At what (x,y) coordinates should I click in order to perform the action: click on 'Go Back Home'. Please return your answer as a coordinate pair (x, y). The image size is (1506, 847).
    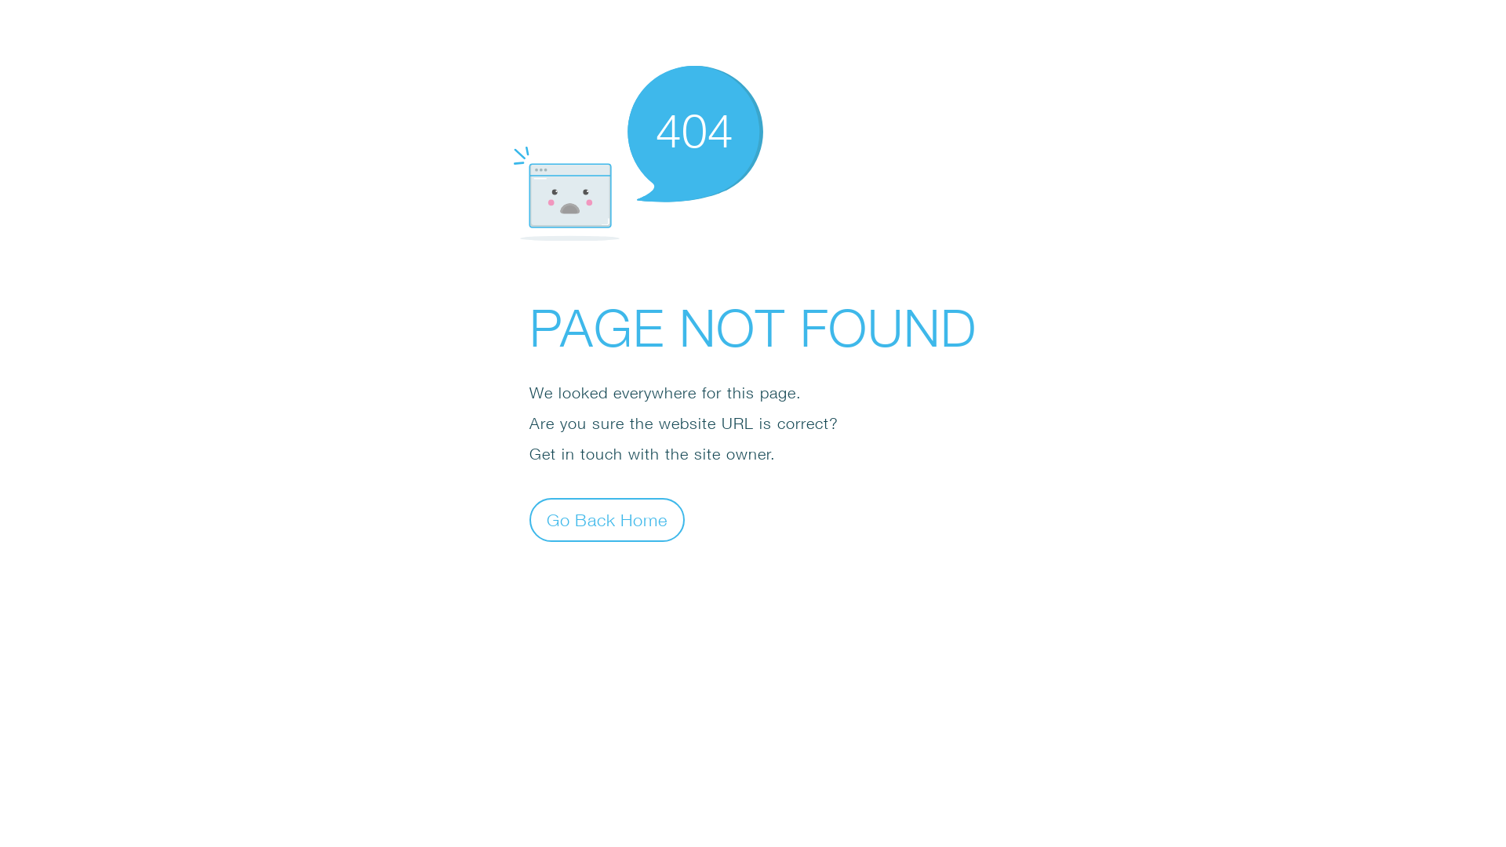
    Looking at the image, I should click on (606, 520).